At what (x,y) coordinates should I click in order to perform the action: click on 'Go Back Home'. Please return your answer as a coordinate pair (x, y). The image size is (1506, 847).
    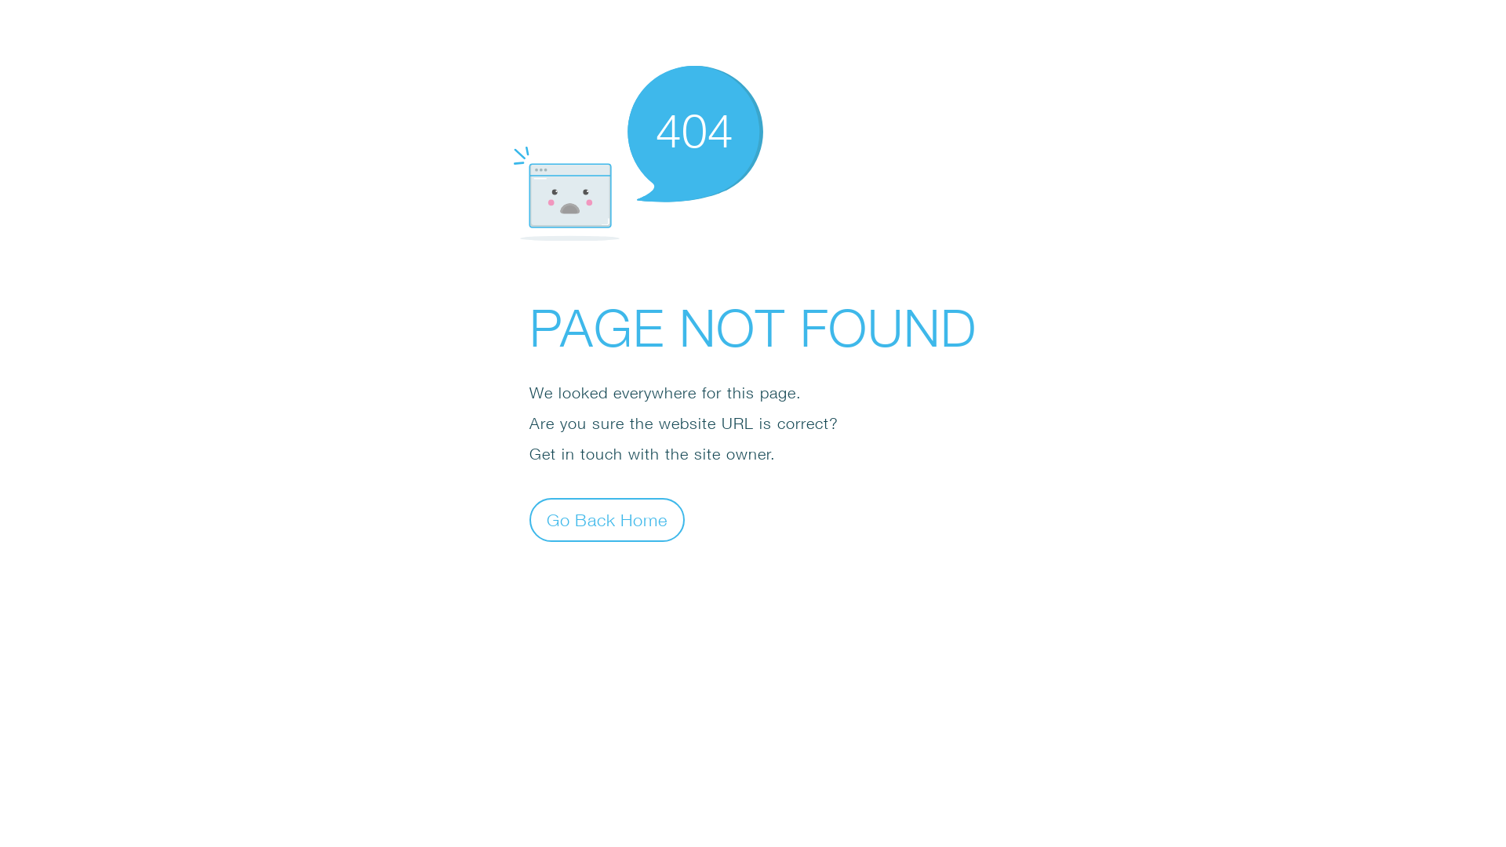
    Looking at the image, I should click on (606, 520).